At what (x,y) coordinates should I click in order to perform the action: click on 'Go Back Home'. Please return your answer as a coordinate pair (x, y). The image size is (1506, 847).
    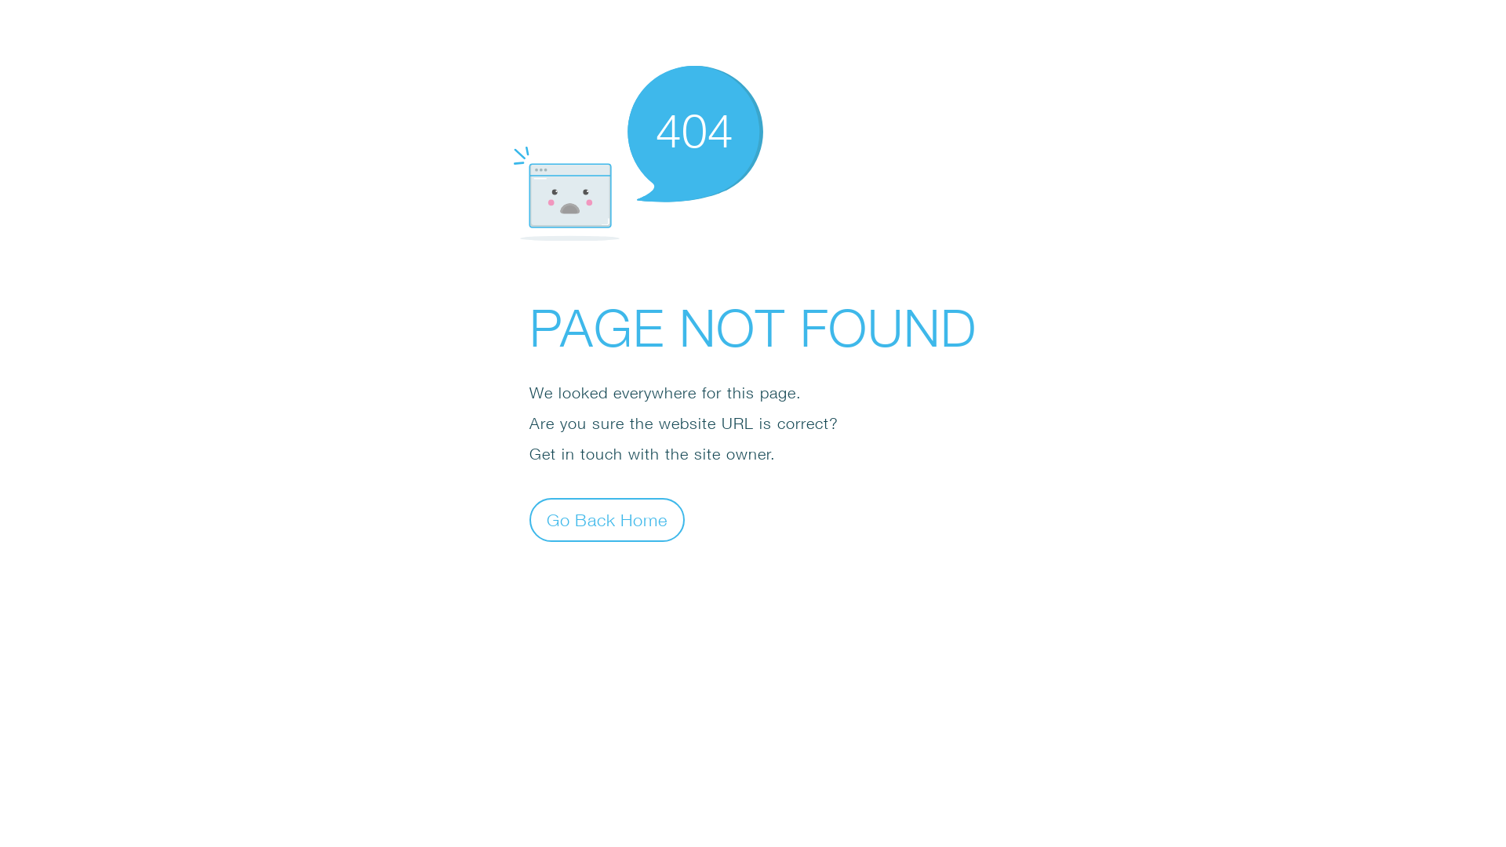
    Looking at the image, I should click on (606, 520).